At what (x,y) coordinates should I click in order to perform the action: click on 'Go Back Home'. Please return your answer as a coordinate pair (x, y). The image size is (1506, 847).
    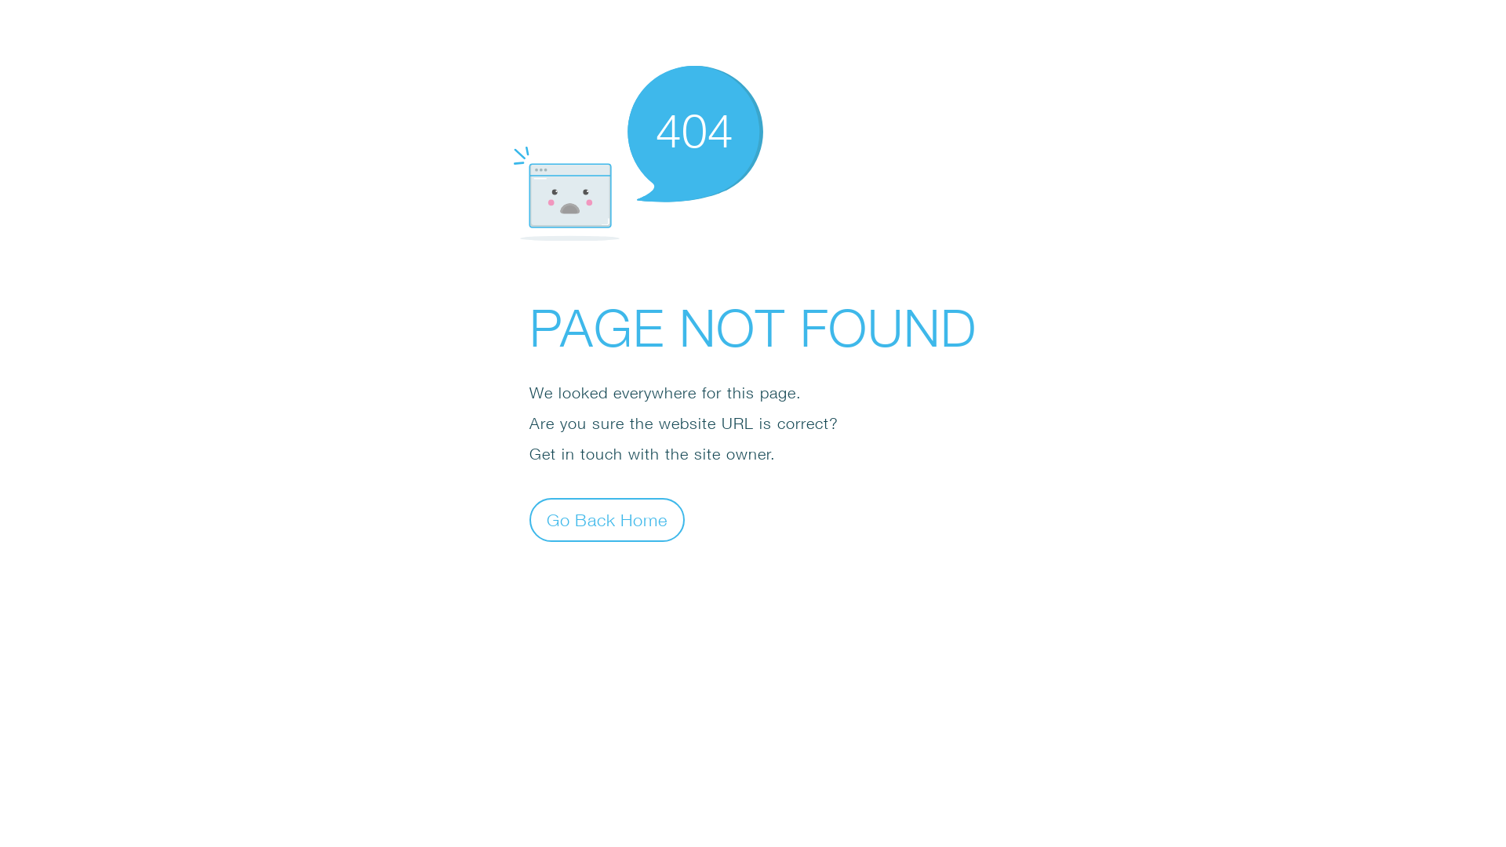
    Looking at the image, I should click on (606, 520).